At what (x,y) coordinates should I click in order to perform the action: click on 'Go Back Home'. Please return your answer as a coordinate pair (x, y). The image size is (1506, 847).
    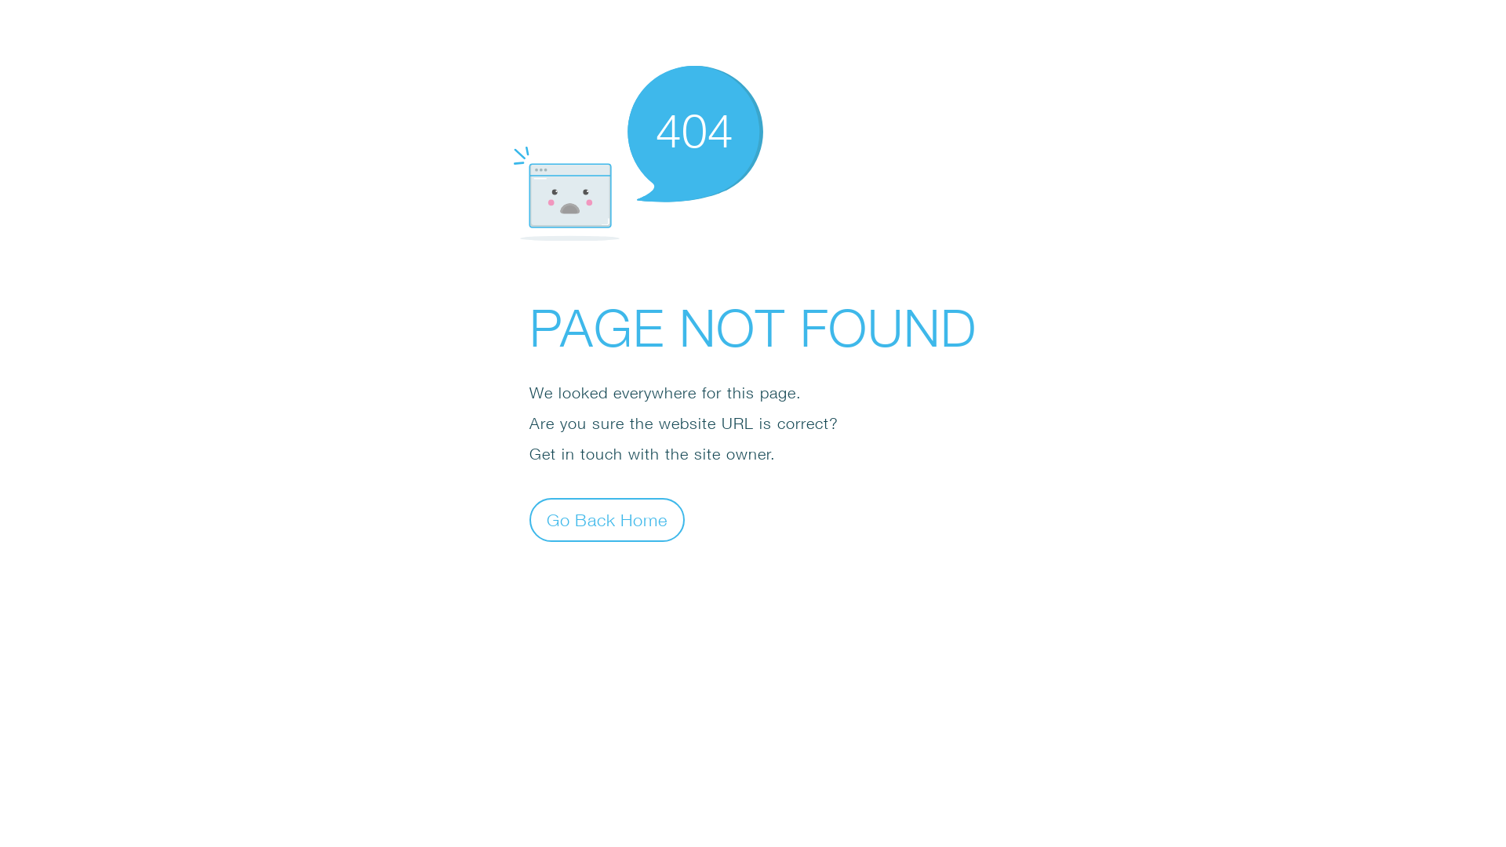
    Looking at the image, I should click on (606, 520).